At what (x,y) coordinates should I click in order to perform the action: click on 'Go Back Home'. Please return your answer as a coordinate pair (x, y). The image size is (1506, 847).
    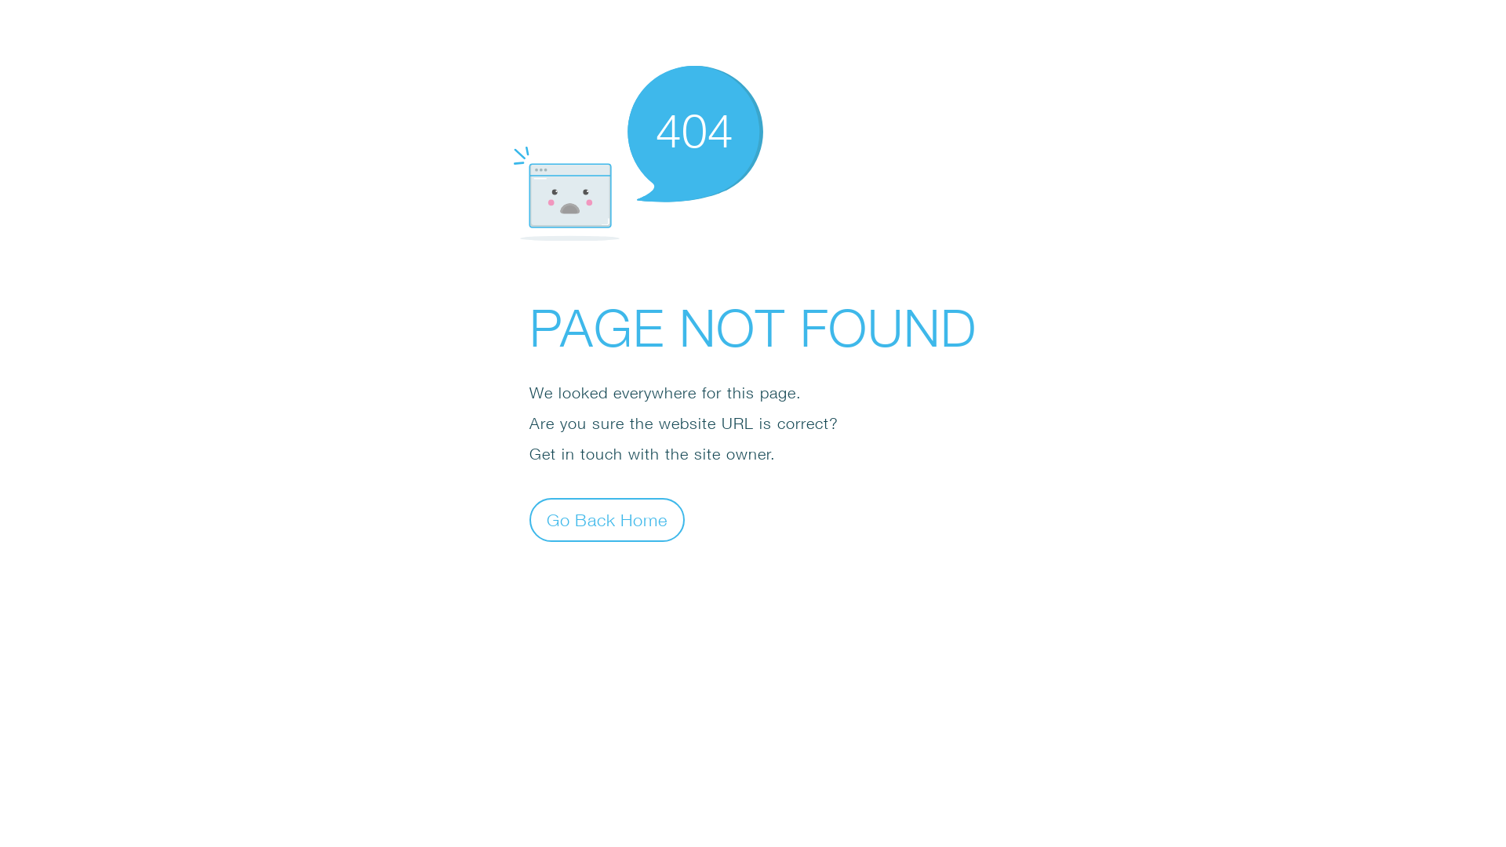
    Looking at the image, I should click on (606, 520).